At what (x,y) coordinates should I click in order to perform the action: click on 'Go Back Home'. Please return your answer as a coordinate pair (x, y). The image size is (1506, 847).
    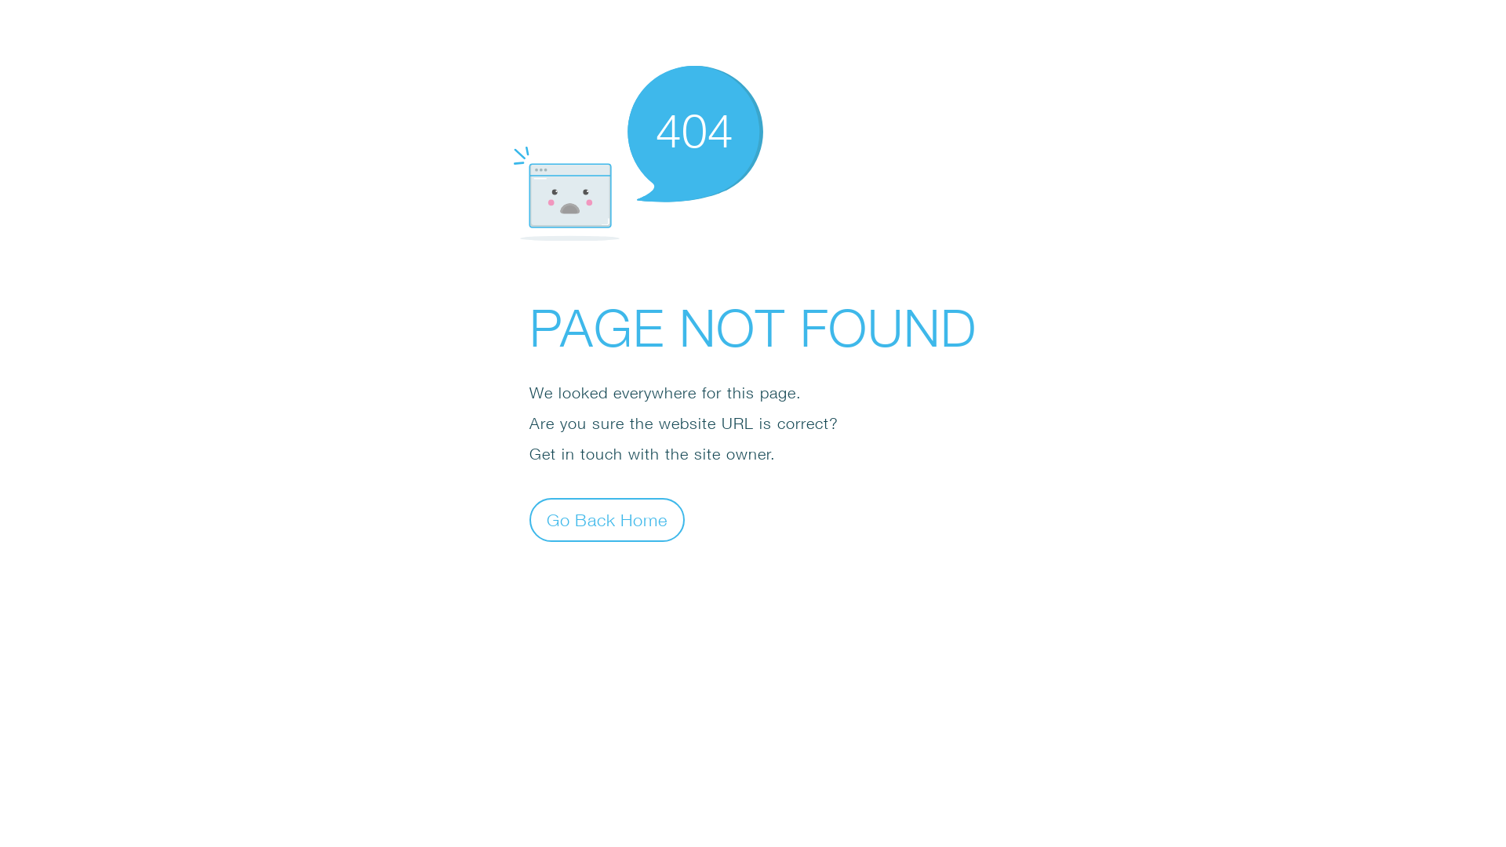
    Looking at the image, I should click on (606, 520).